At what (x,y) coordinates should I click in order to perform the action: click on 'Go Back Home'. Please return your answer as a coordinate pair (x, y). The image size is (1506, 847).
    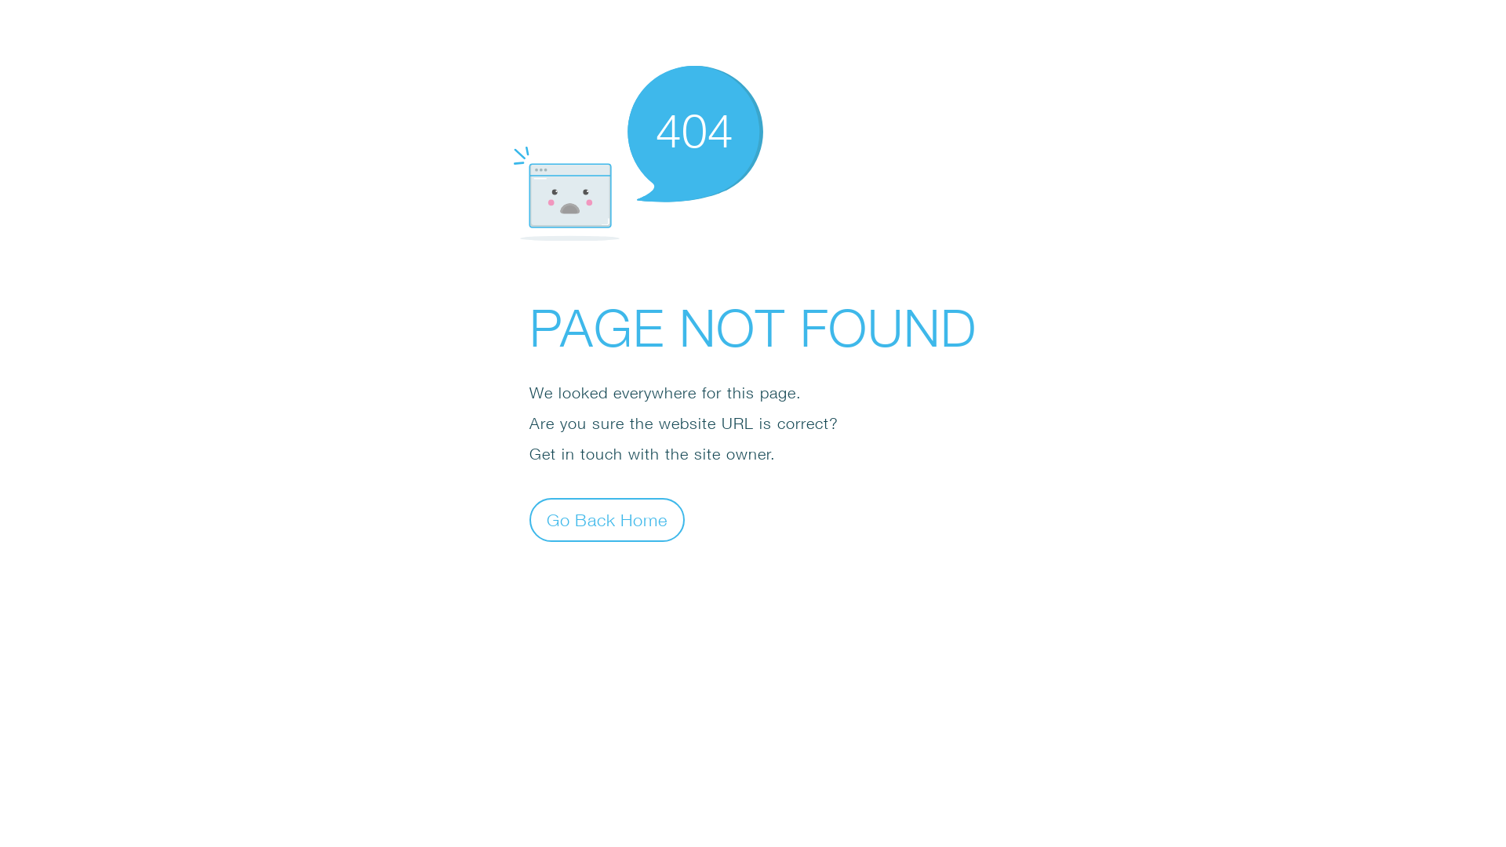
    Looking at the image, I should click on (606, 520).